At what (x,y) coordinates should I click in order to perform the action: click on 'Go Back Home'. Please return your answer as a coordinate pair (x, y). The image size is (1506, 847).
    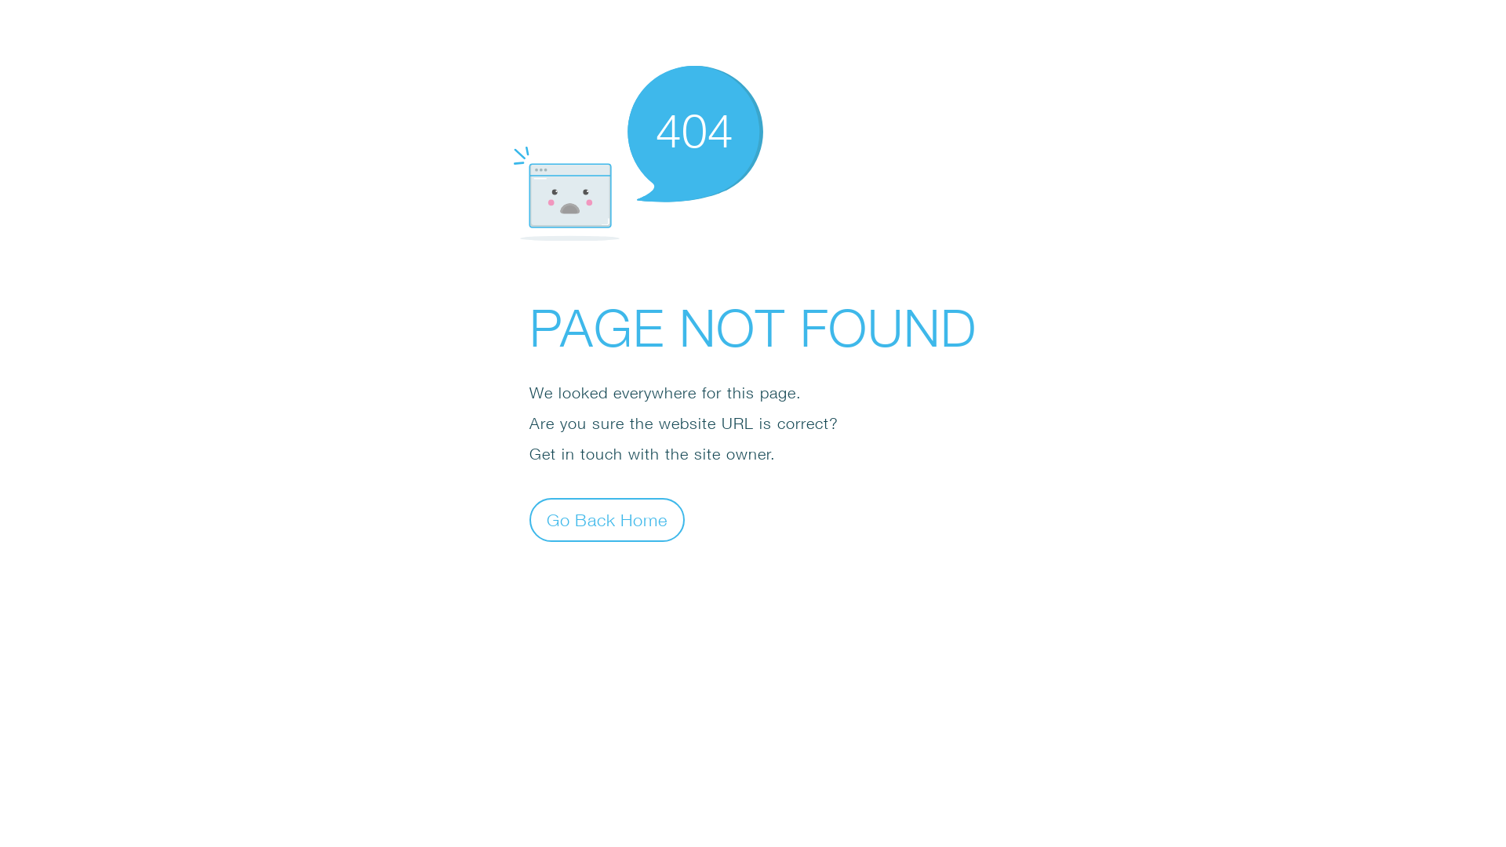
    Looking at the image, I should click on (606, 520).